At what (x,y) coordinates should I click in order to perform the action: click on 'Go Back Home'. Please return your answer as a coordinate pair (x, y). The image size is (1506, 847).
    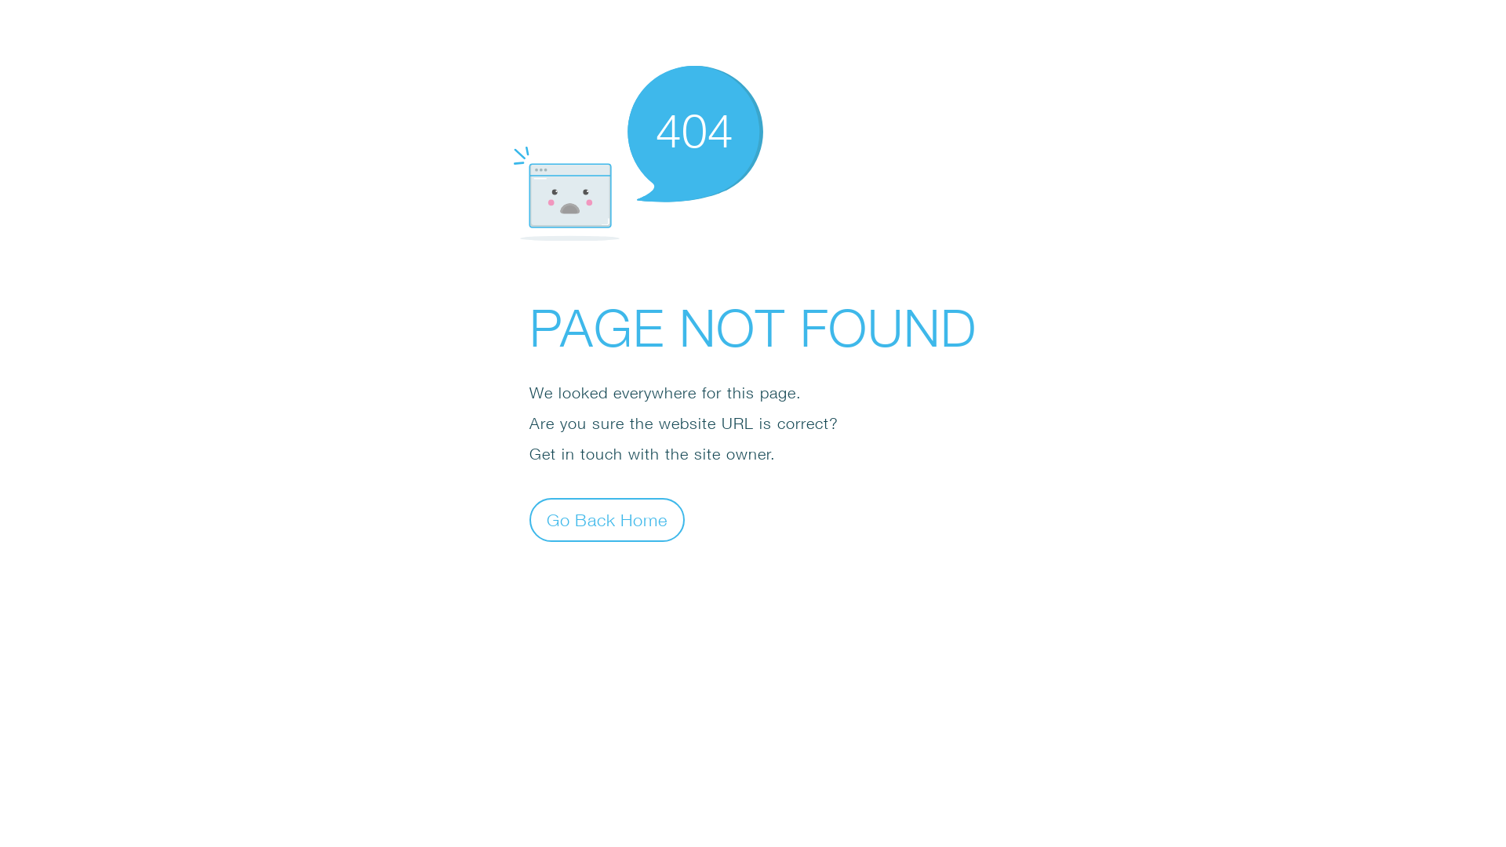
    Looking at the image, I should click on (606, 520).